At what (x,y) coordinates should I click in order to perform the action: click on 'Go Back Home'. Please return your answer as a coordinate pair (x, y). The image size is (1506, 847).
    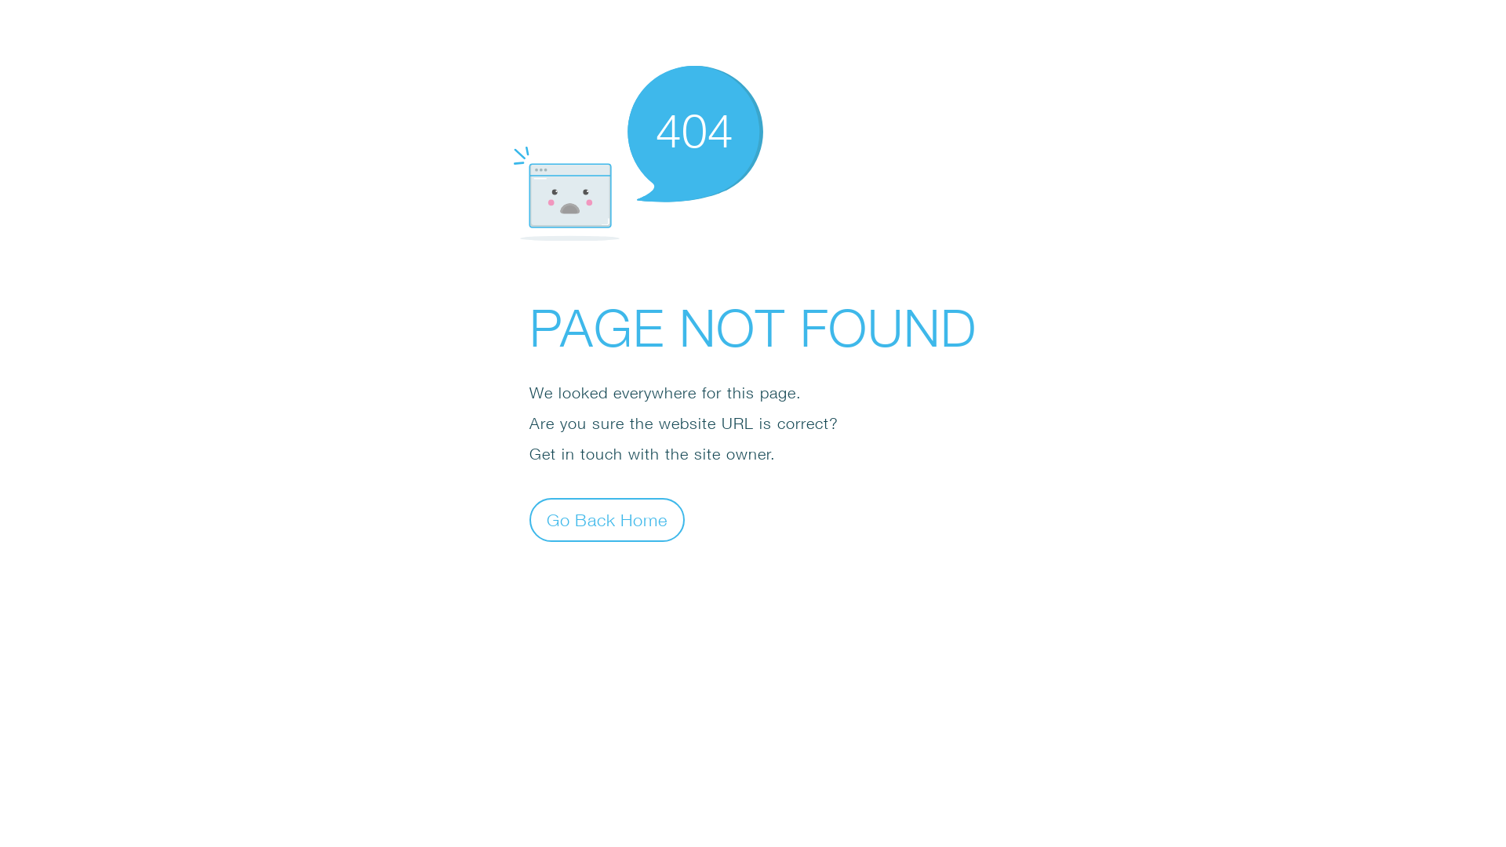
    Looking at the image, I should click on (606, 520).